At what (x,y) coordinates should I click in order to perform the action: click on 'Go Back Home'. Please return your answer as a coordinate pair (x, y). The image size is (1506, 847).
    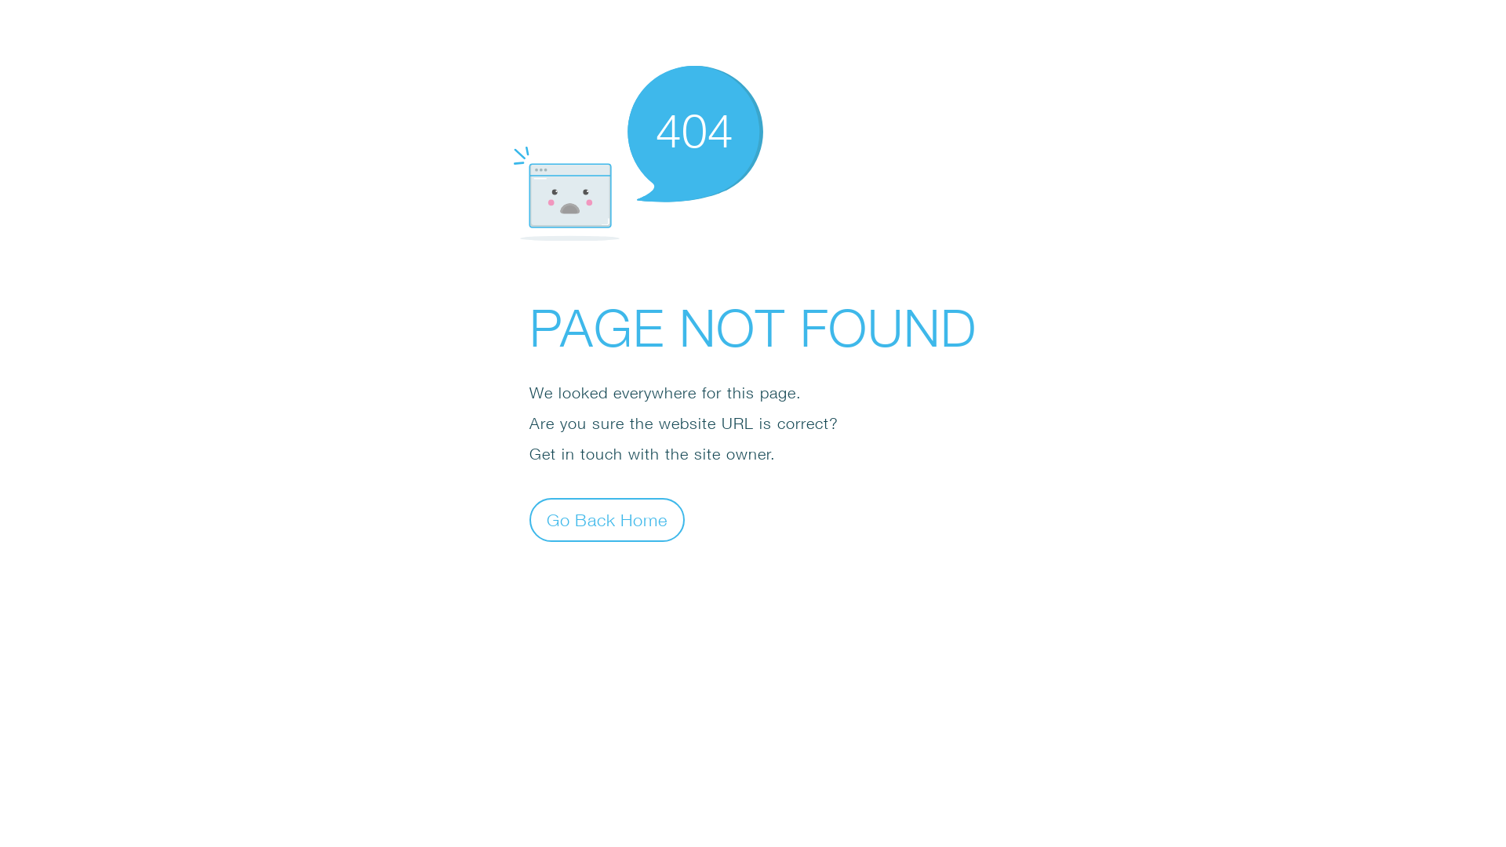
    Looking at the image, I should click on (606, 520).